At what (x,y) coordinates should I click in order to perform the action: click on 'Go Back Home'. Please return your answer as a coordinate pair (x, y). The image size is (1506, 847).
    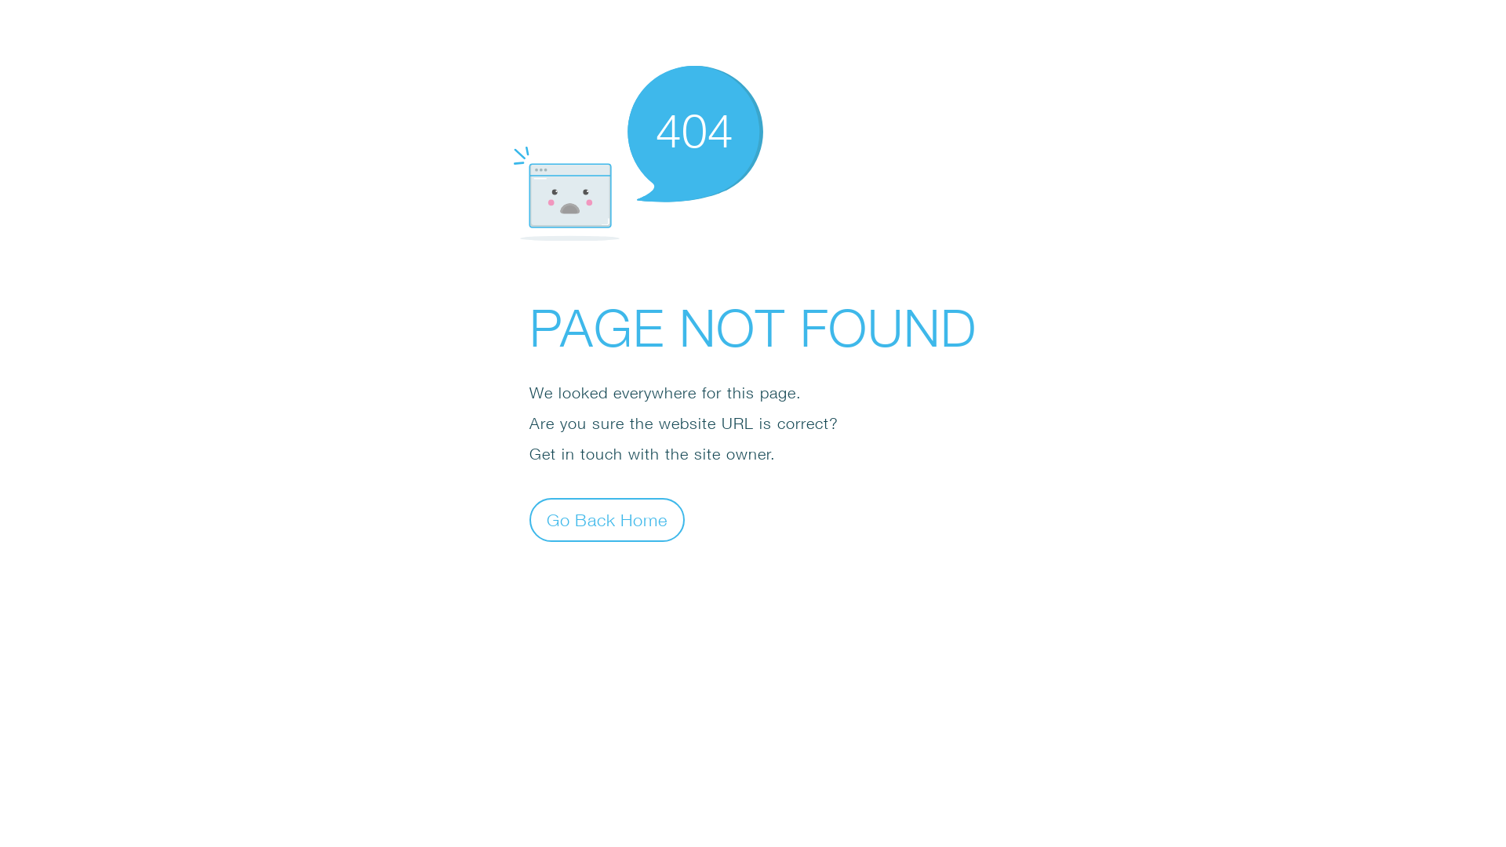
    Looking at the image, I should click on (606, 520).